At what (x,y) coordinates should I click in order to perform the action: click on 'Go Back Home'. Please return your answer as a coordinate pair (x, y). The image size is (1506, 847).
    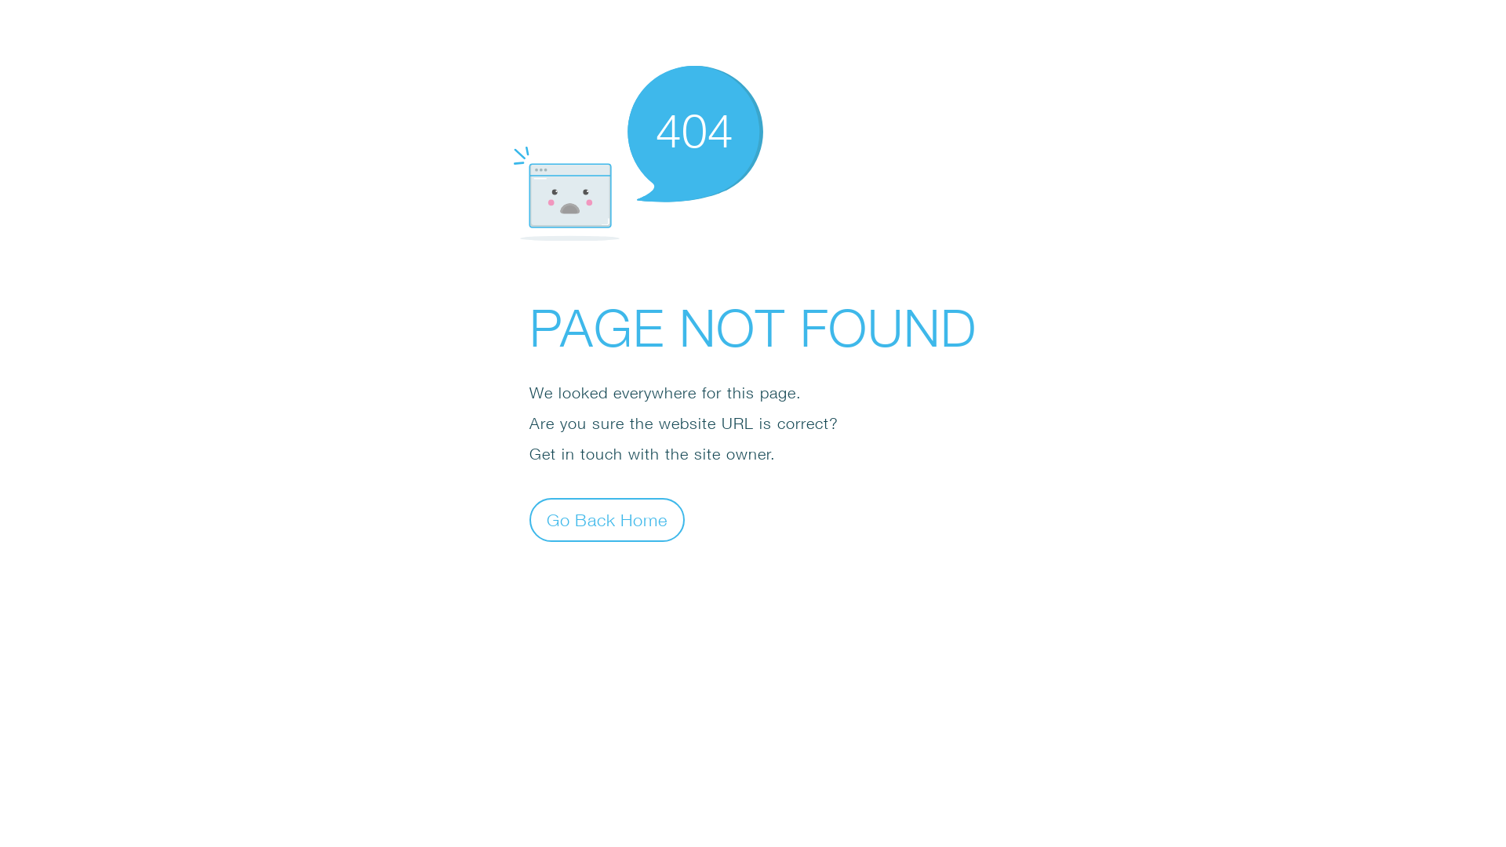
    Looking at the image, I should click on (606, 520).